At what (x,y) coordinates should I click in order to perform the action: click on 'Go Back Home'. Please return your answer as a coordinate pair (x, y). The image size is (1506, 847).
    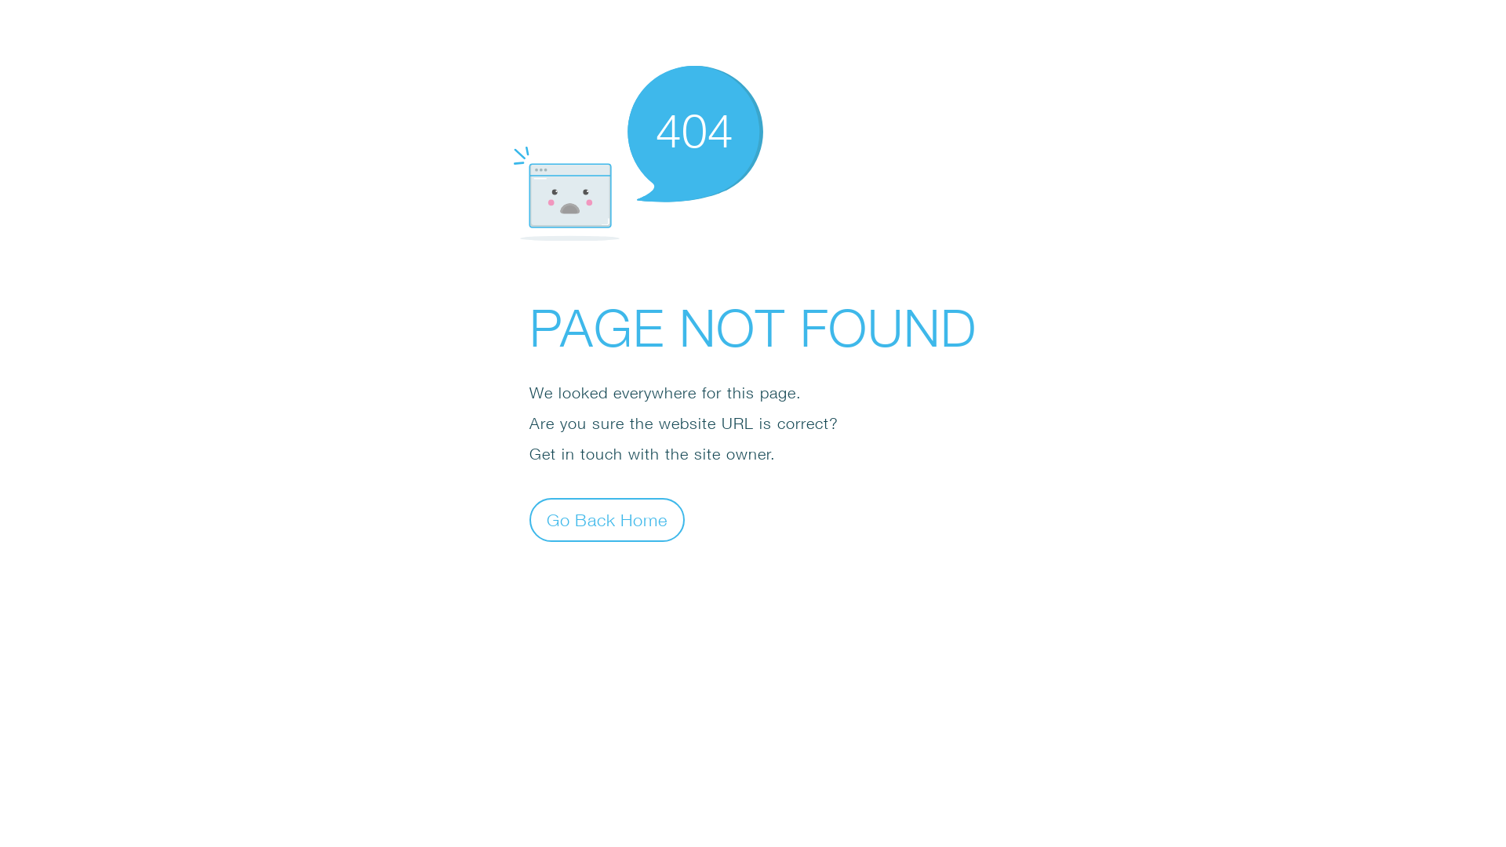
    Looking at the image, I should click on (606, 520).